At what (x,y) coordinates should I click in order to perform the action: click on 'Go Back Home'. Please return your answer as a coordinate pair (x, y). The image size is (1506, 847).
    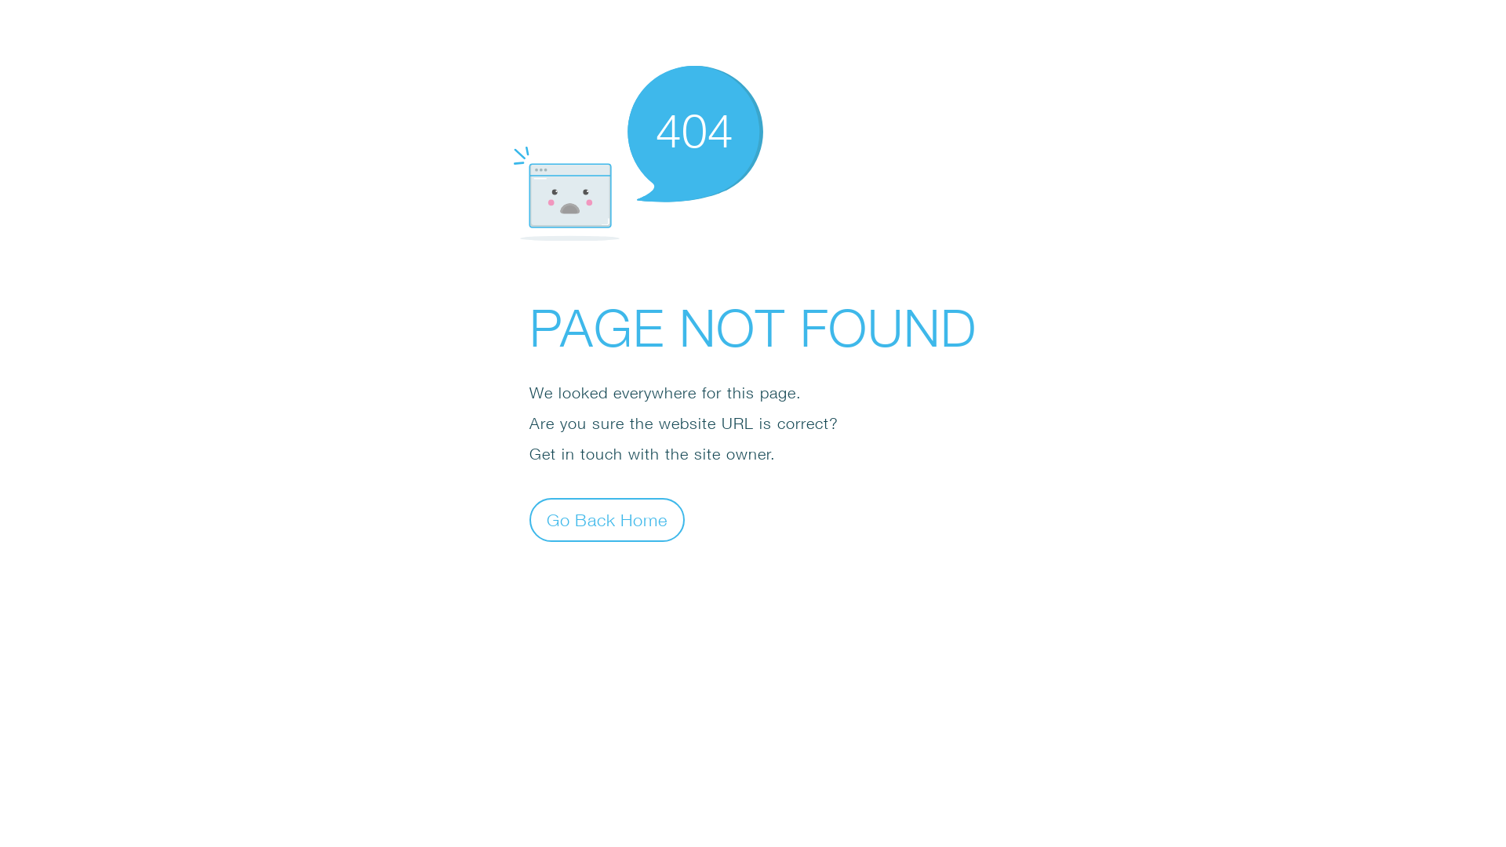
    Looking at the image, I should click on (606, 520).